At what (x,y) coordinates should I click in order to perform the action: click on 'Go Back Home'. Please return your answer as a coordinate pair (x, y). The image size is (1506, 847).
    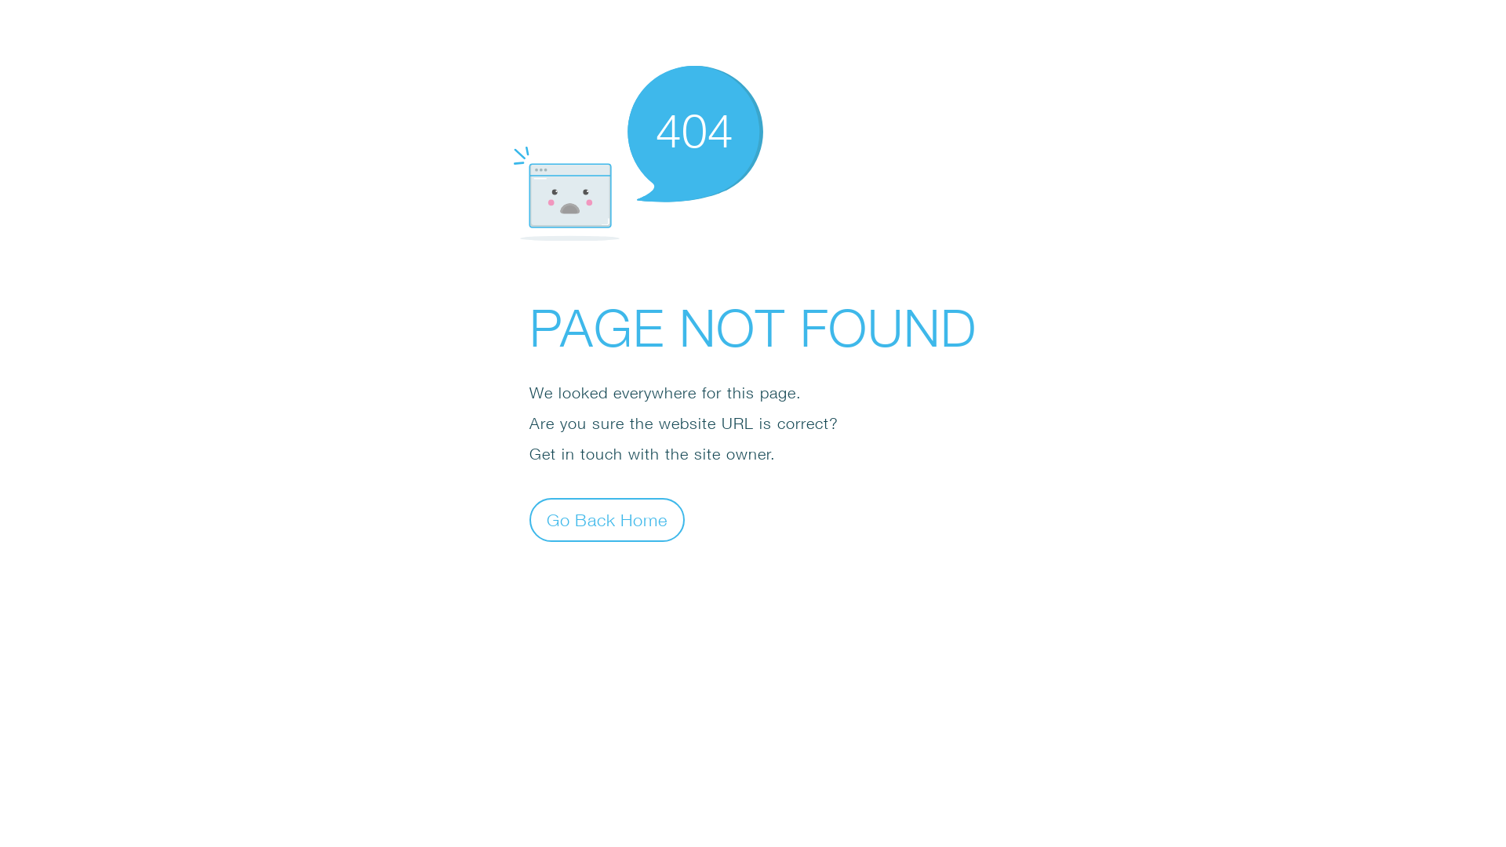
    Looking at the image, I should click on (606, 520).